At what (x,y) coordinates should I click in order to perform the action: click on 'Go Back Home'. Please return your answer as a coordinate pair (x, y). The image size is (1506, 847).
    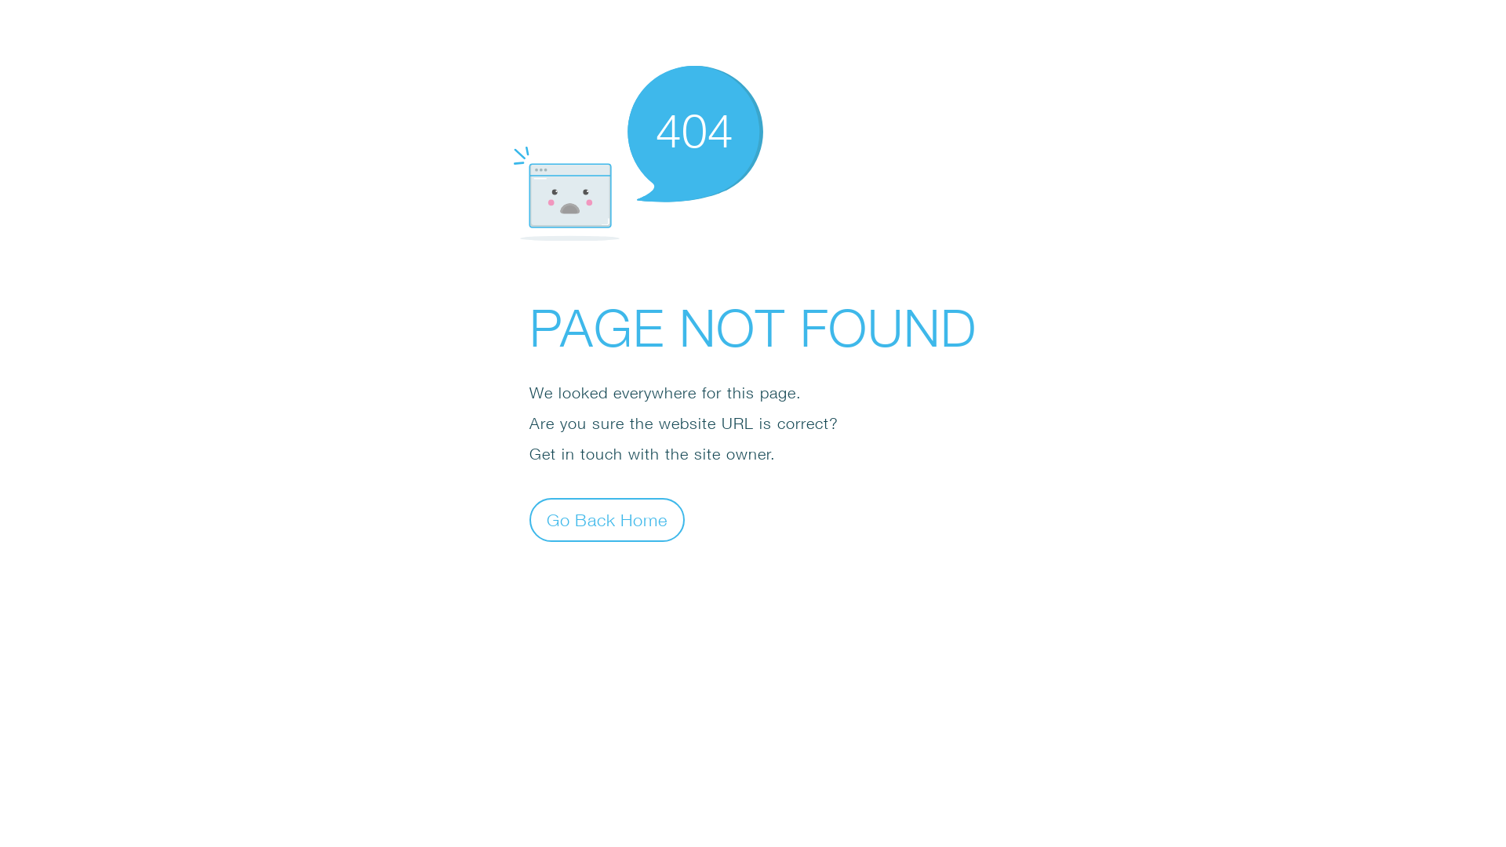
    Looking at the image, I should click on (606, 520).